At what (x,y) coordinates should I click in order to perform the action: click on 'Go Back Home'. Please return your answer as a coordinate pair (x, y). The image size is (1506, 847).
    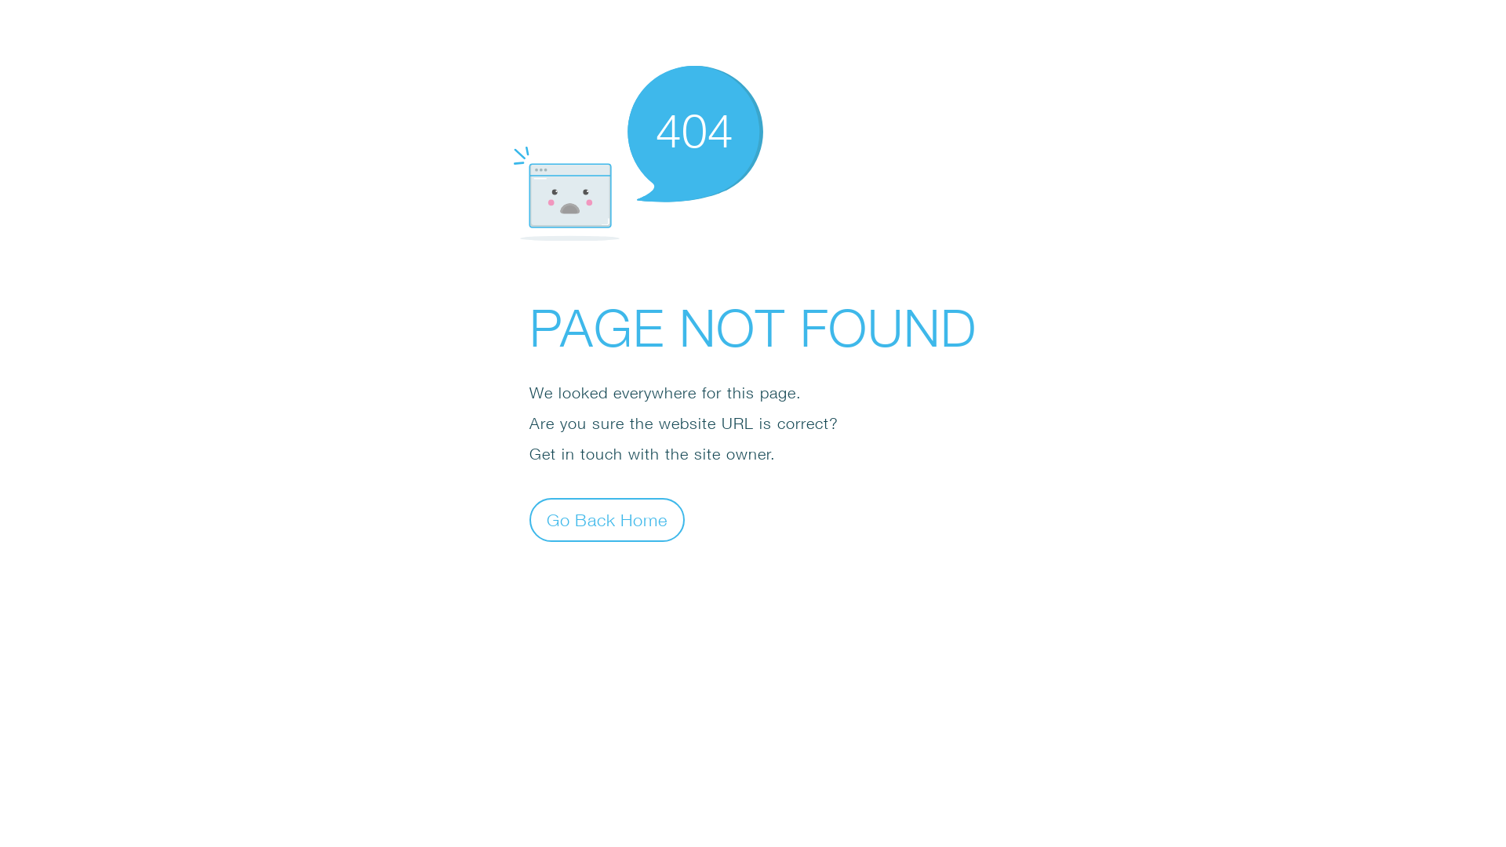
    Looking at the image, I should click on (606, 520).